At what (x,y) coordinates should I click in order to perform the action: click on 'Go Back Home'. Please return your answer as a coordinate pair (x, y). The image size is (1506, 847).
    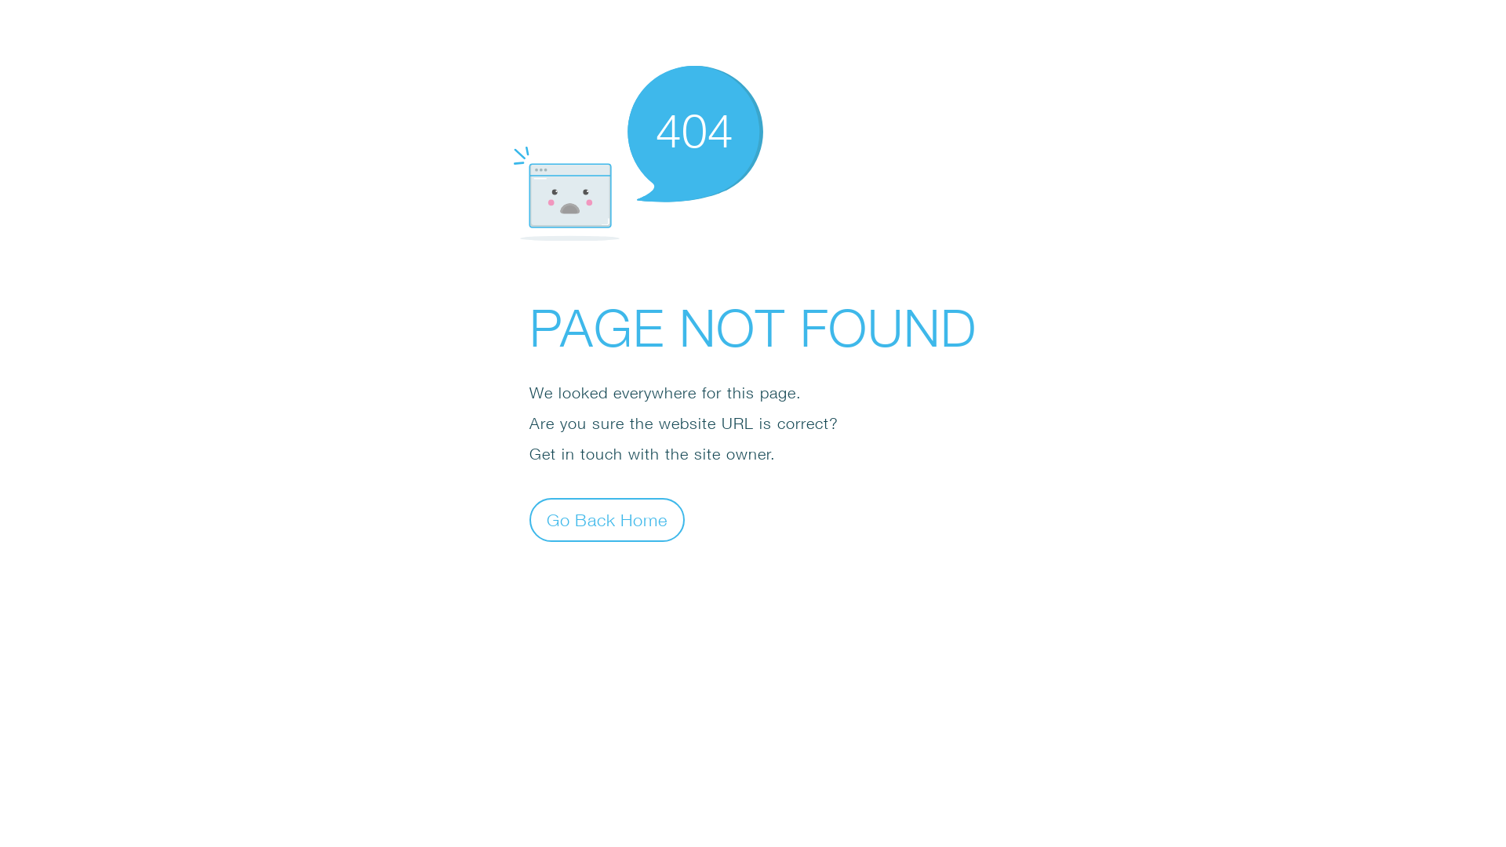
    Looking at the image, I should click on (606, 520).